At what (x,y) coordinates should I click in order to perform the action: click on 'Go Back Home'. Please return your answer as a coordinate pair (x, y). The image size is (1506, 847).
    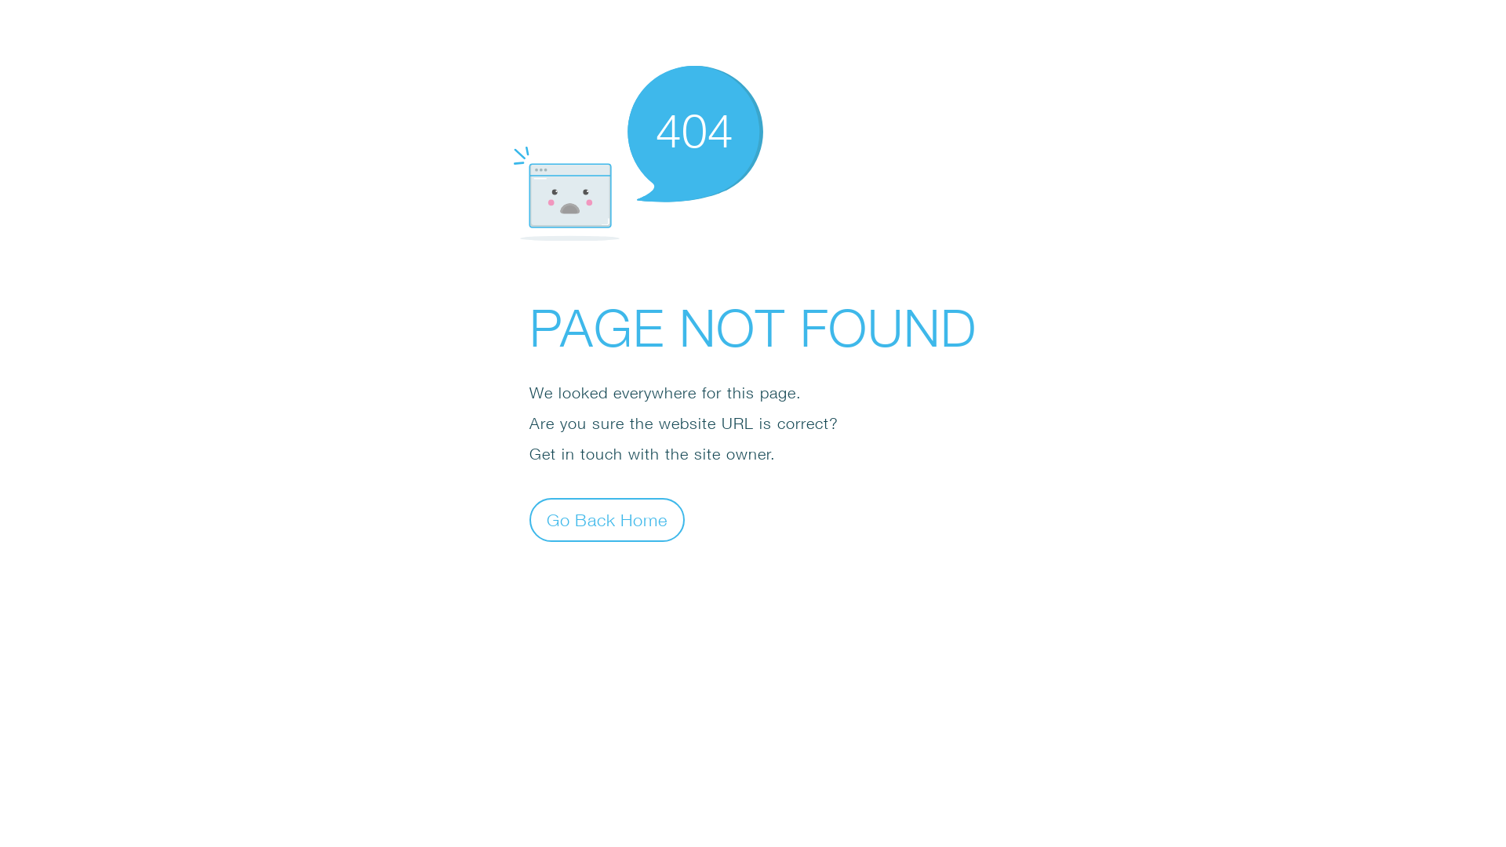
    Looking at the image, I should click on (606, 520).